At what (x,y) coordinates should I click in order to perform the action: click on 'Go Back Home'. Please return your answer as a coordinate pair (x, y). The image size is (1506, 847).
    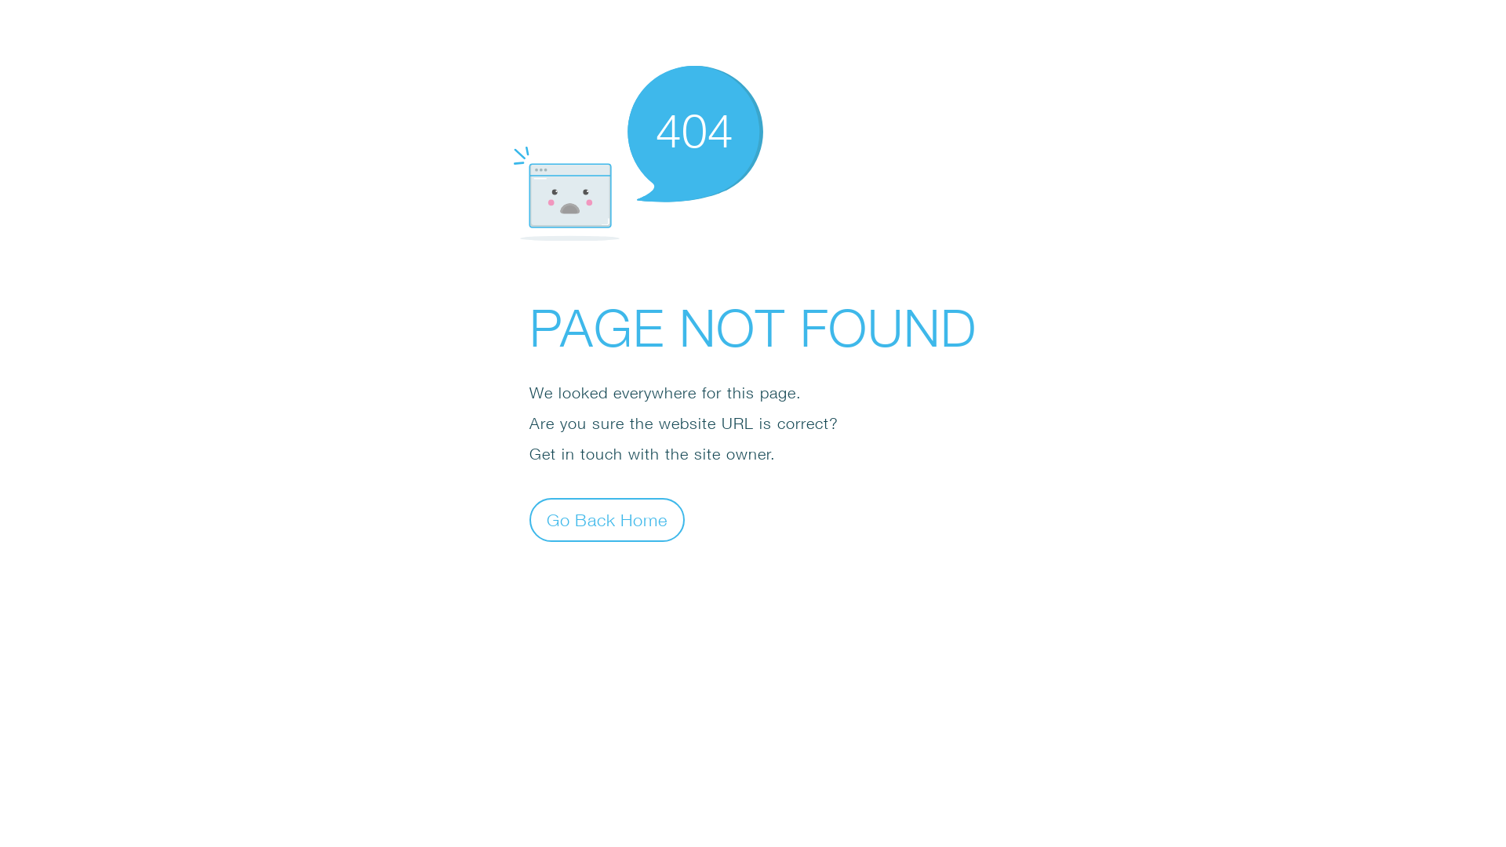
    Looking at the image, I should click on (606, 520).